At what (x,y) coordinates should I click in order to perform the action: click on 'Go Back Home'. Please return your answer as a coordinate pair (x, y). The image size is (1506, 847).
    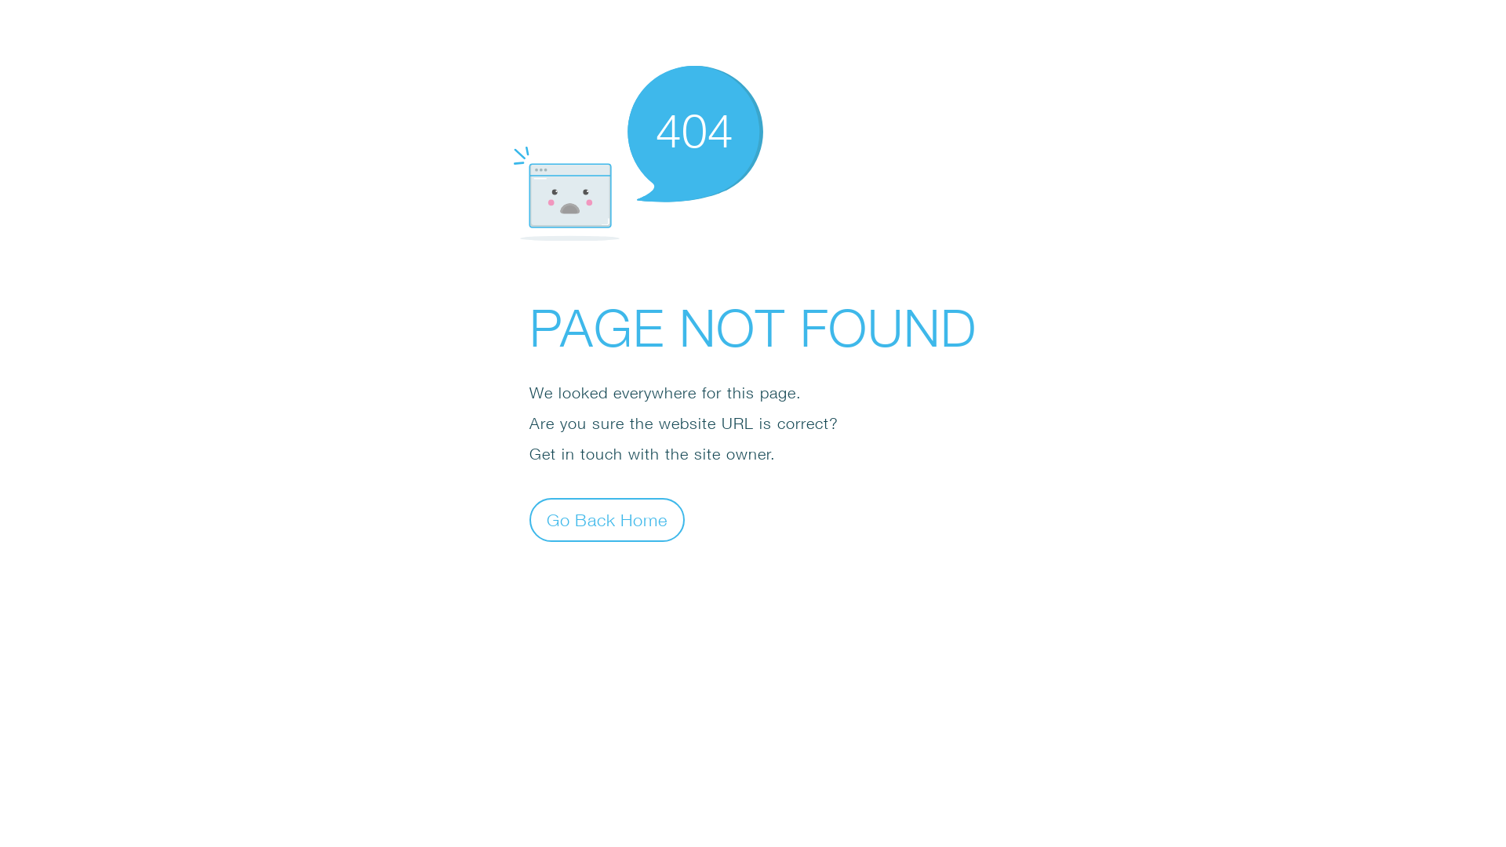
    Looking at the image, I should click on (606, 520).